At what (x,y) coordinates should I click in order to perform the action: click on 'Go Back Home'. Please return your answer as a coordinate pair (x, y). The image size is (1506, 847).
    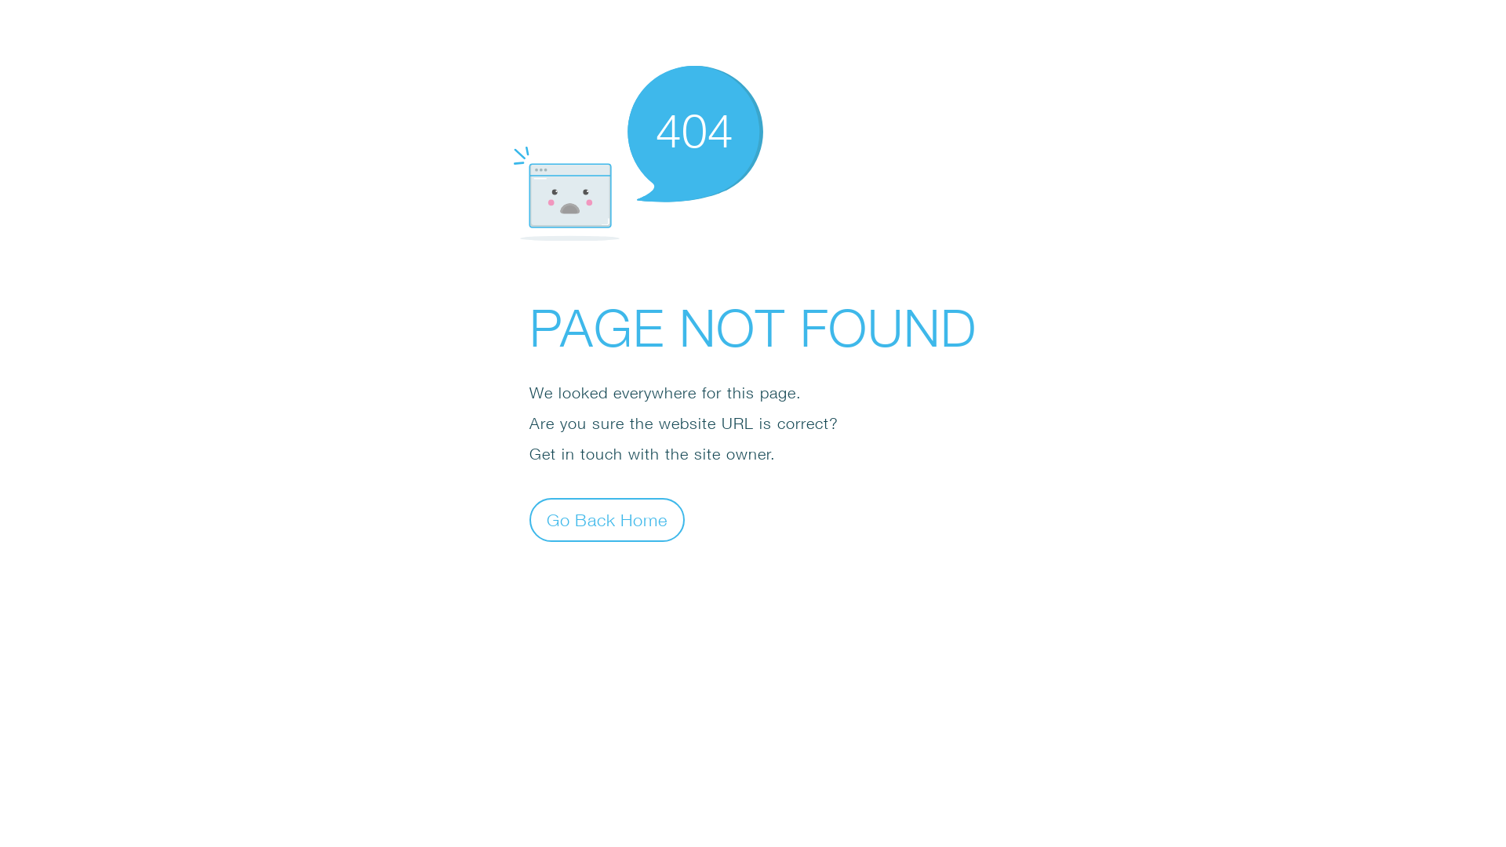
    Looking at the image, I should click on (606, 520).